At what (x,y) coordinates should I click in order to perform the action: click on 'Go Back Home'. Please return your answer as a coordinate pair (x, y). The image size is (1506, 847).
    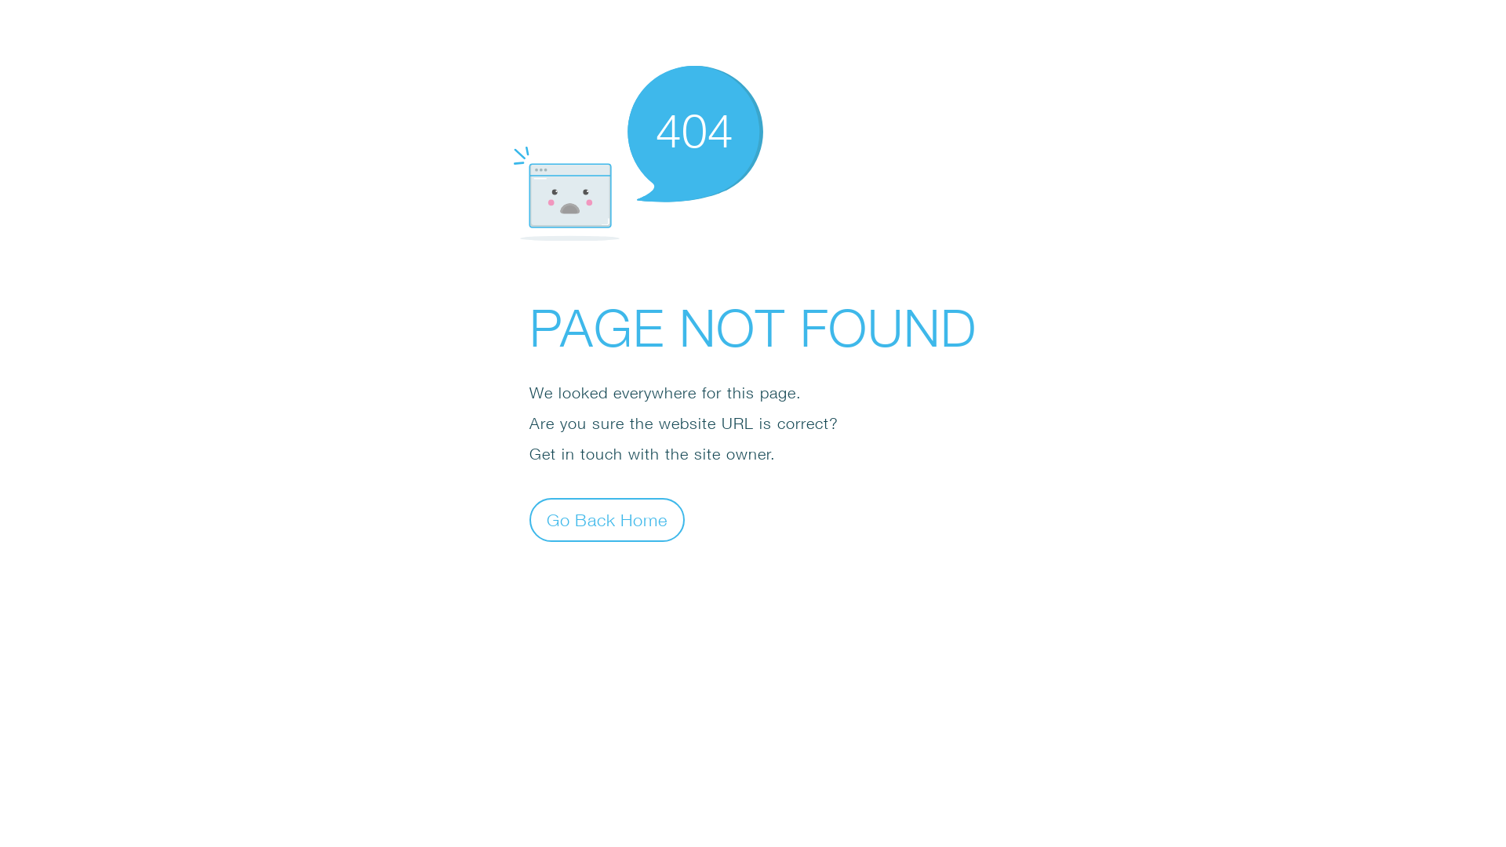
    Looking at the image, I should click on (606, 520).